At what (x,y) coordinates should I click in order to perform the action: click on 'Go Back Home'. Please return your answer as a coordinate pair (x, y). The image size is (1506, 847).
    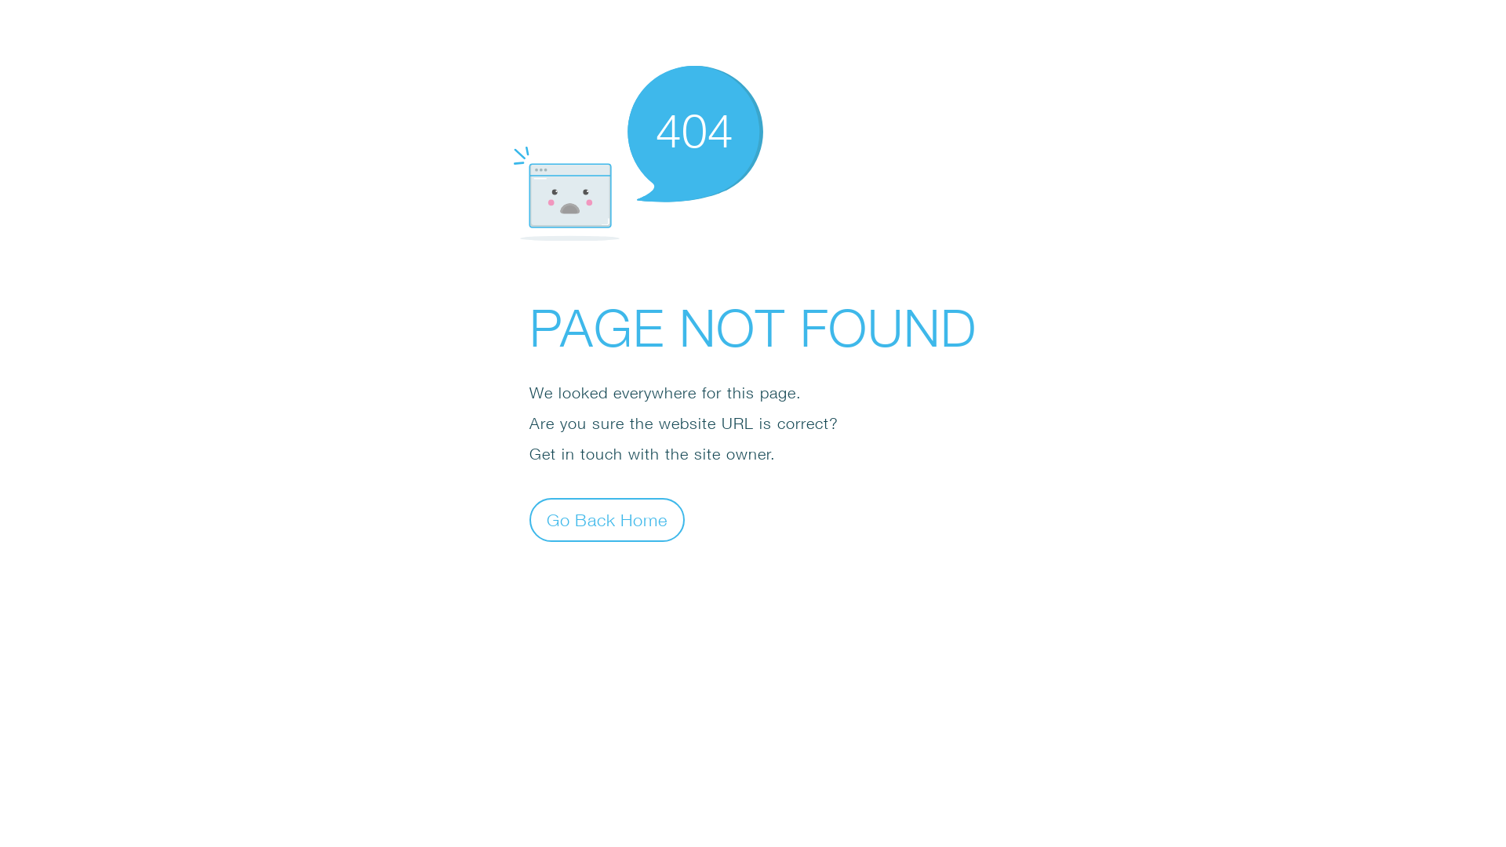
    Looking at the image, I should click on (606, 520).